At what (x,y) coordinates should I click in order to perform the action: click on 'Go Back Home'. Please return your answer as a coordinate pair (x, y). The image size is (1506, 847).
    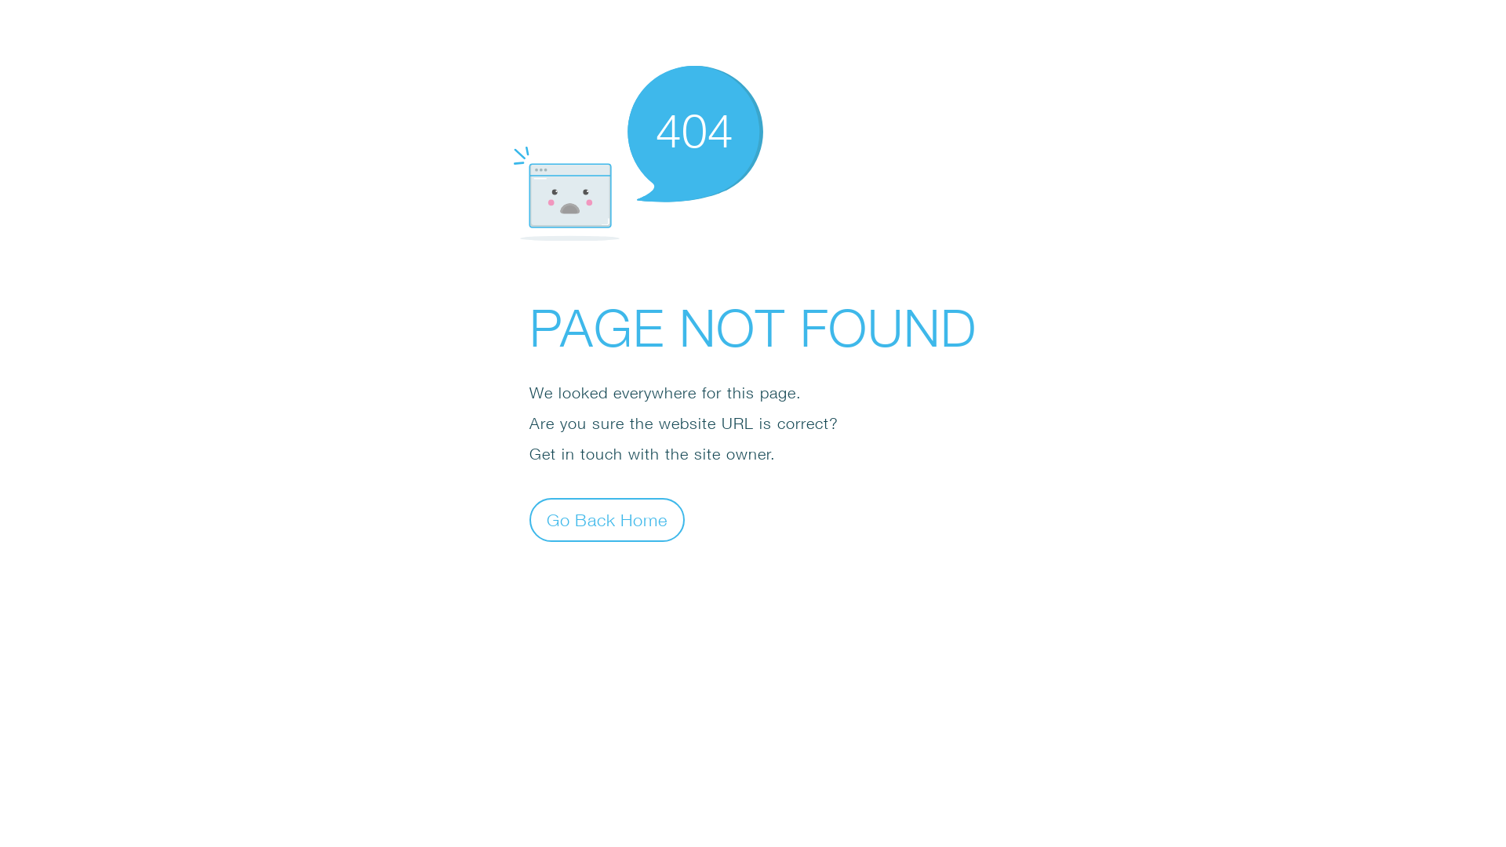
    Looking at the image, I should click on (606, 520).